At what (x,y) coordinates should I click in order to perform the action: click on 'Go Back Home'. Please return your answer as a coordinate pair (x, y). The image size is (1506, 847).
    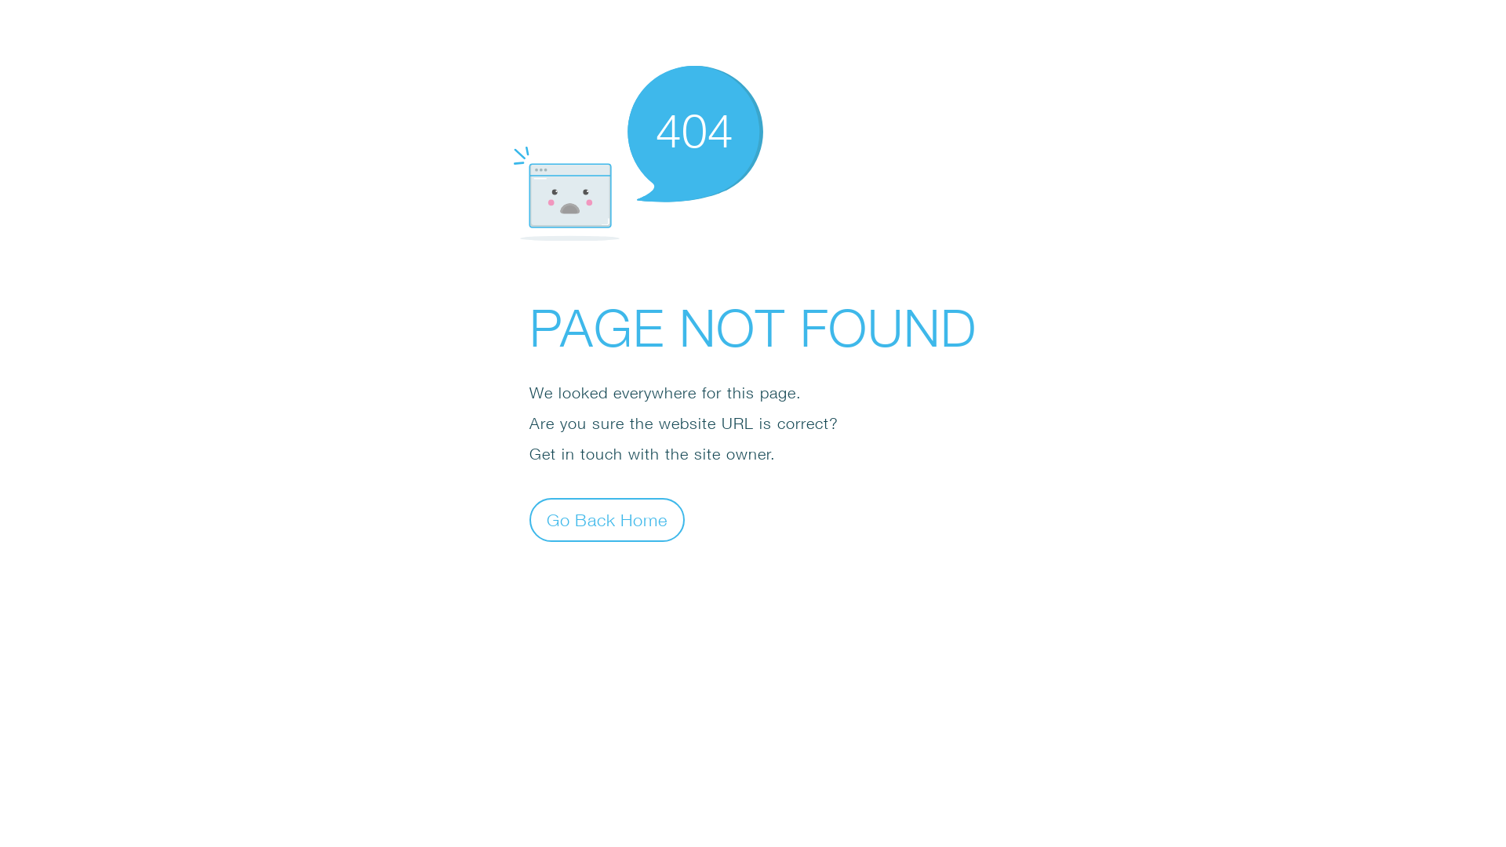
    Looking at the image, I should click on (606, 520).